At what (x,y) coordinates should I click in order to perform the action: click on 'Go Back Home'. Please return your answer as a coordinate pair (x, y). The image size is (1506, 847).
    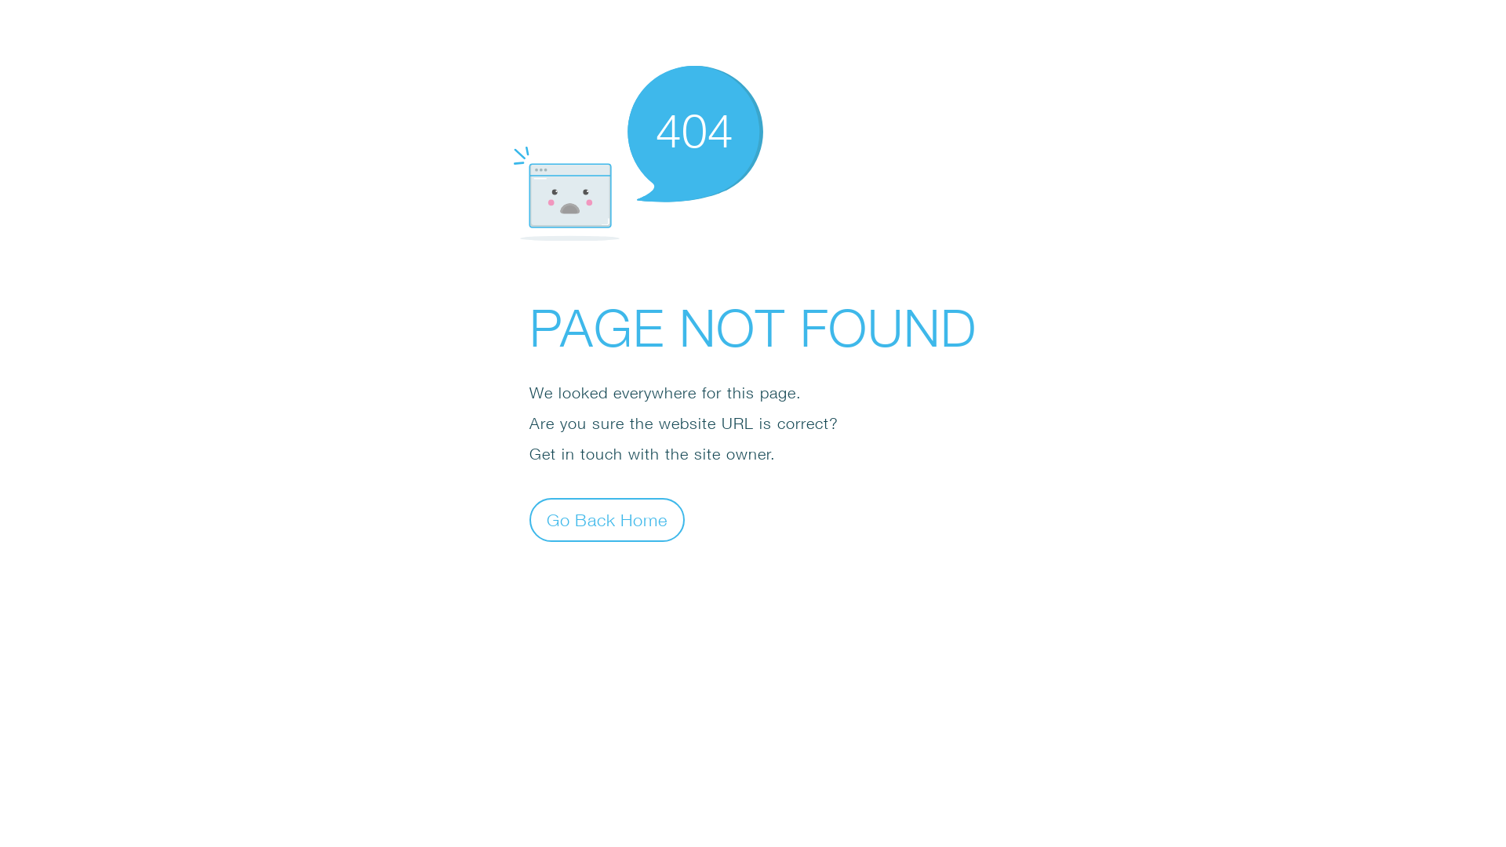
    Looking at the image, I should click on (606, 520).